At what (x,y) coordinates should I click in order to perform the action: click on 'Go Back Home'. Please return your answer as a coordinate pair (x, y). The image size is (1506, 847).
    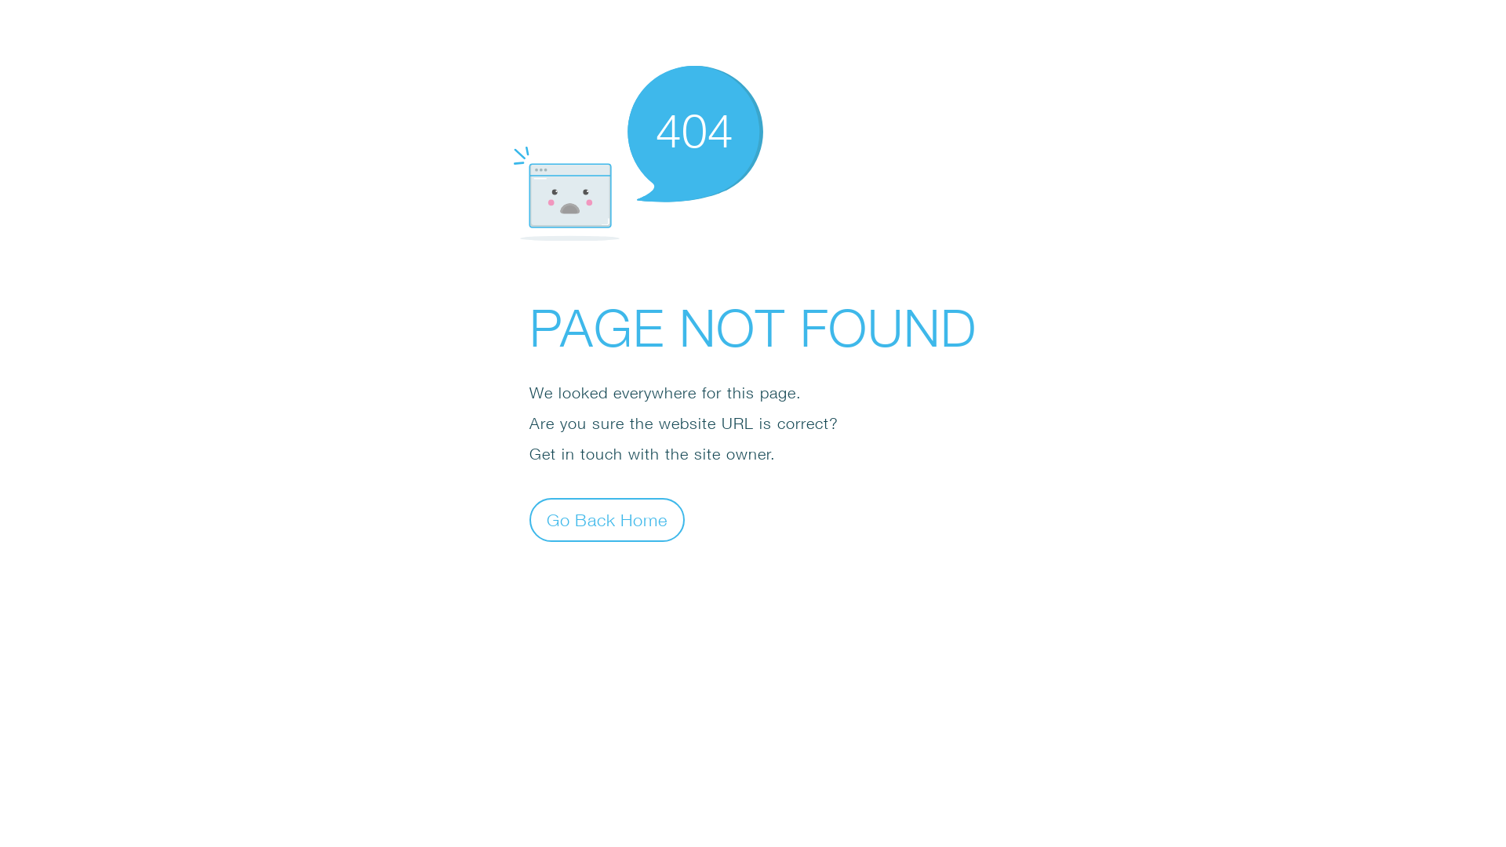
    Looking at the image, I should click on (606, 520).